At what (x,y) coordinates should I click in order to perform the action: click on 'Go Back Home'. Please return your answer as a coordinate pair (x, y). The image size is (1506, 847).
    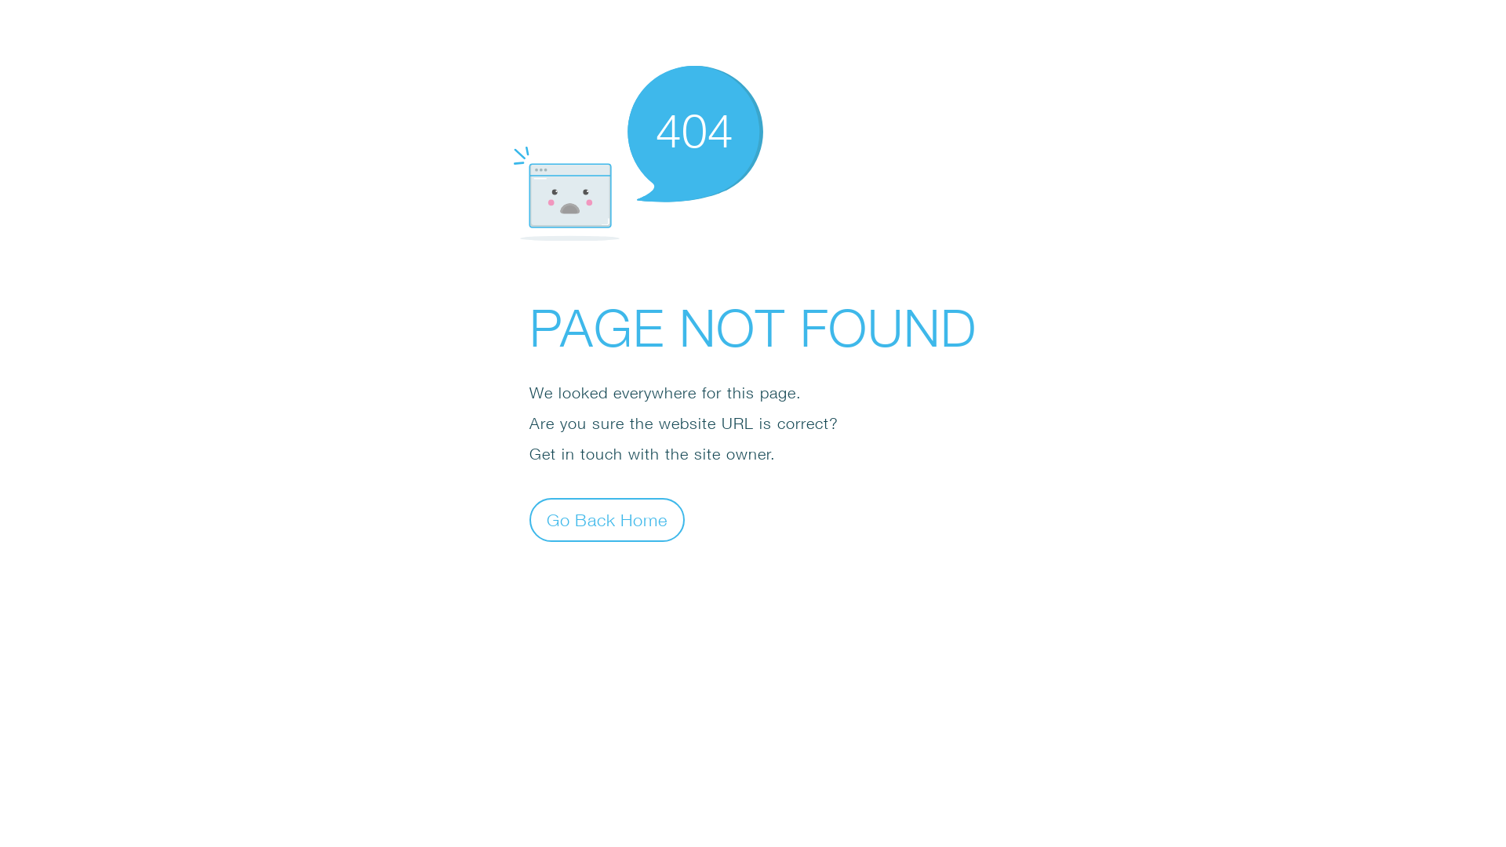
    Looking at the image, I should click on (606, 520).